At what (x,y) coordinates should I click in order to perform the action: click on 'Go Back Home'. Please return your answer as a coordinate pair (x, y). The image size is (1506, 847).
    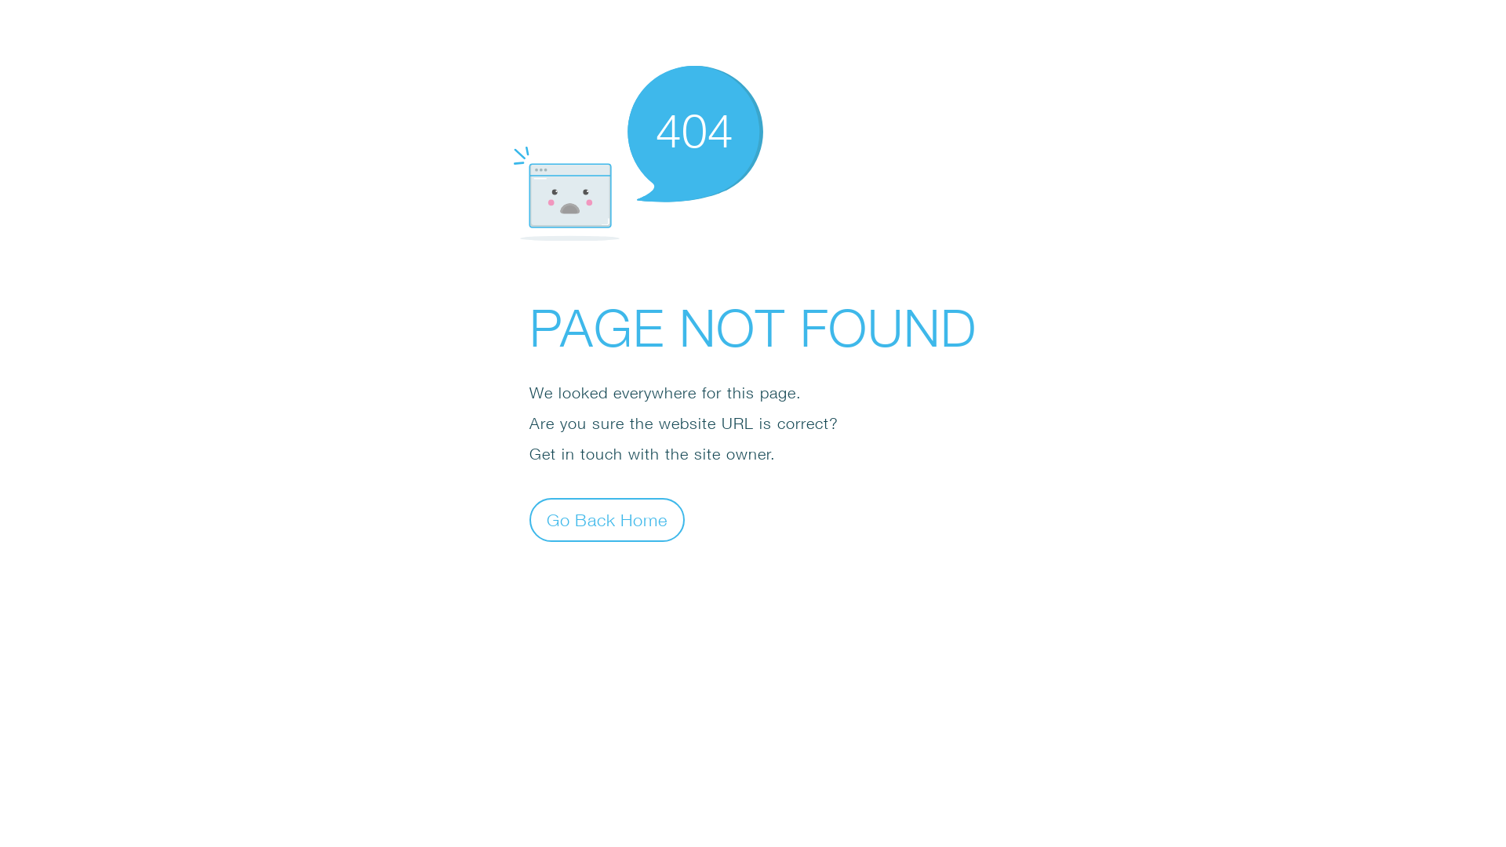
    Looking at the image, I should click on (606, 520).